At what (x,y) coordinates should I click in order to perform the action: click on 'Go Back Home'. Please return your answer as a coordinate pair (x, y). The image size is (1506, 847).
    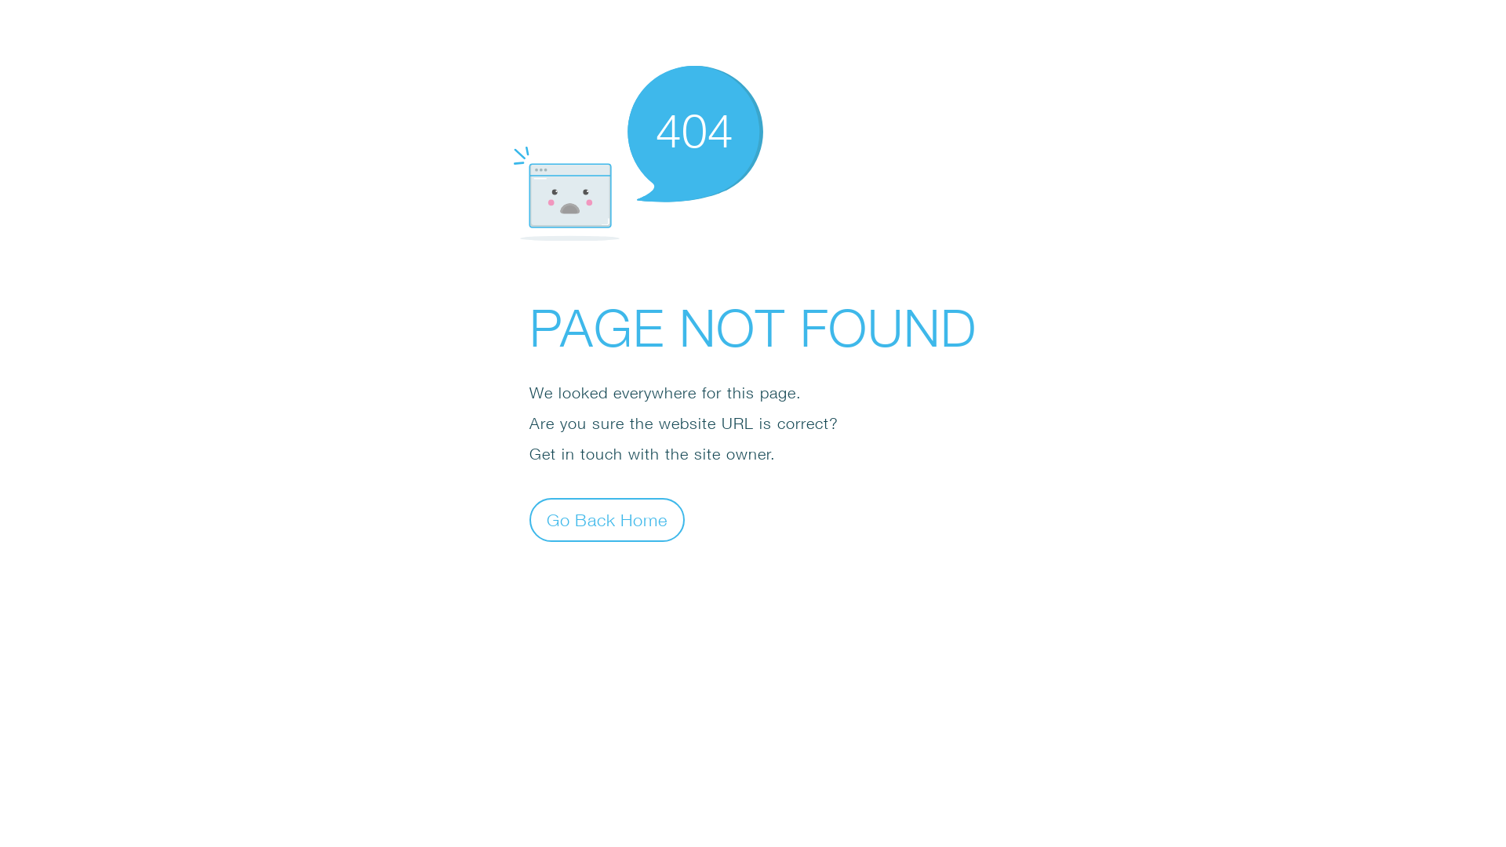
    Looking at the image, I should click on (606, 520).